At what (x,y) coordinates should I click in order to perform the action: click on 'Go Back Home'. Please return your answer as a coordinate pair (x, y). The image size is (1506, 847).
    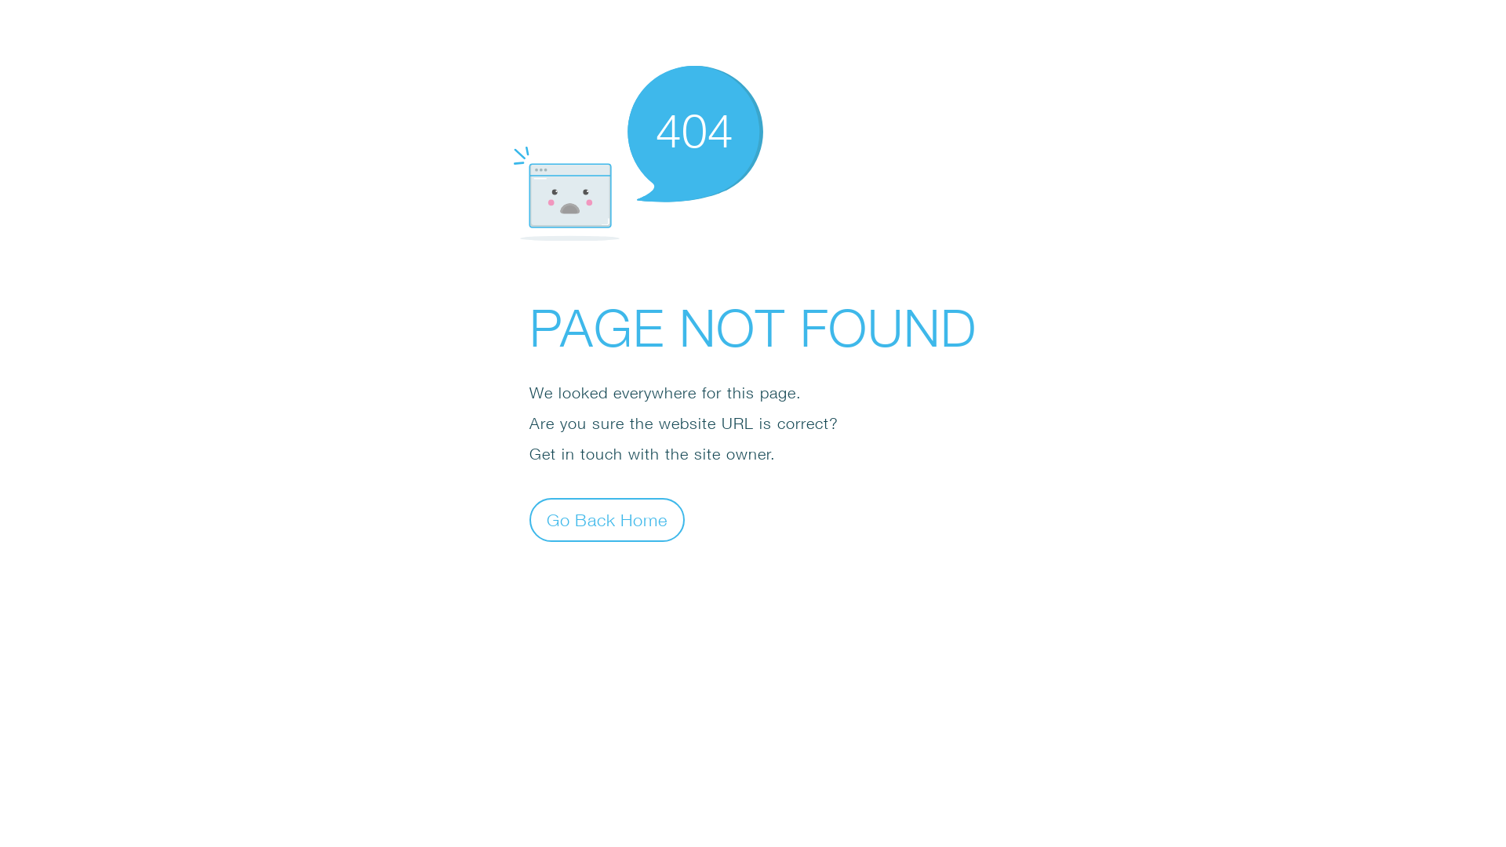
    Looking at the image, I should click on (606, 520).